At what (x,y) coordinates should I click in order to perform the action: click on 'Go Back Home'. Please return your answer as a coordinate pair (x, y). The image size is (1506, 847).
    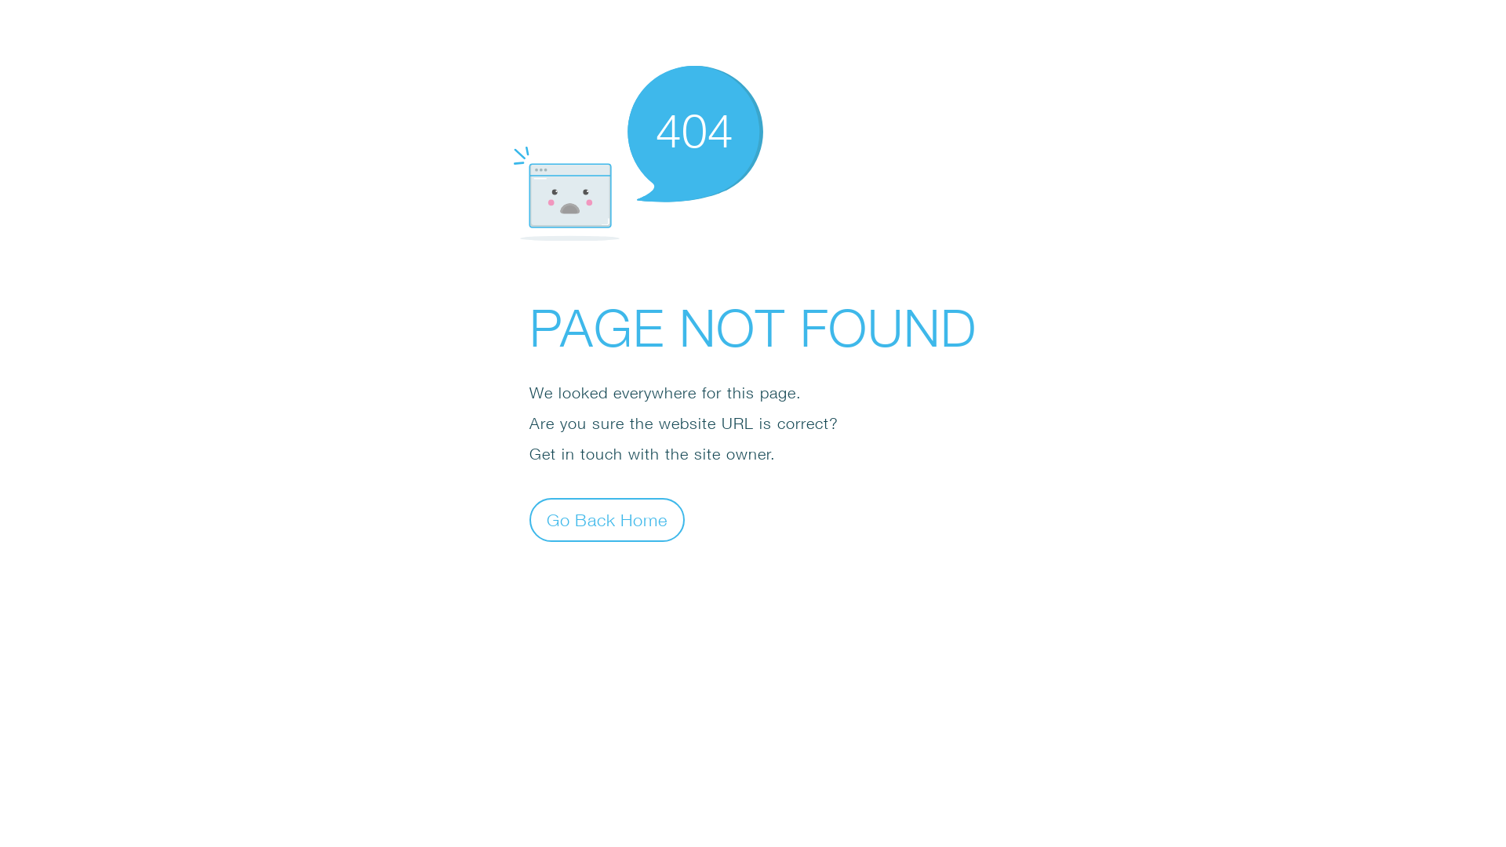
    Looking at the image, I should click on (606, 520).